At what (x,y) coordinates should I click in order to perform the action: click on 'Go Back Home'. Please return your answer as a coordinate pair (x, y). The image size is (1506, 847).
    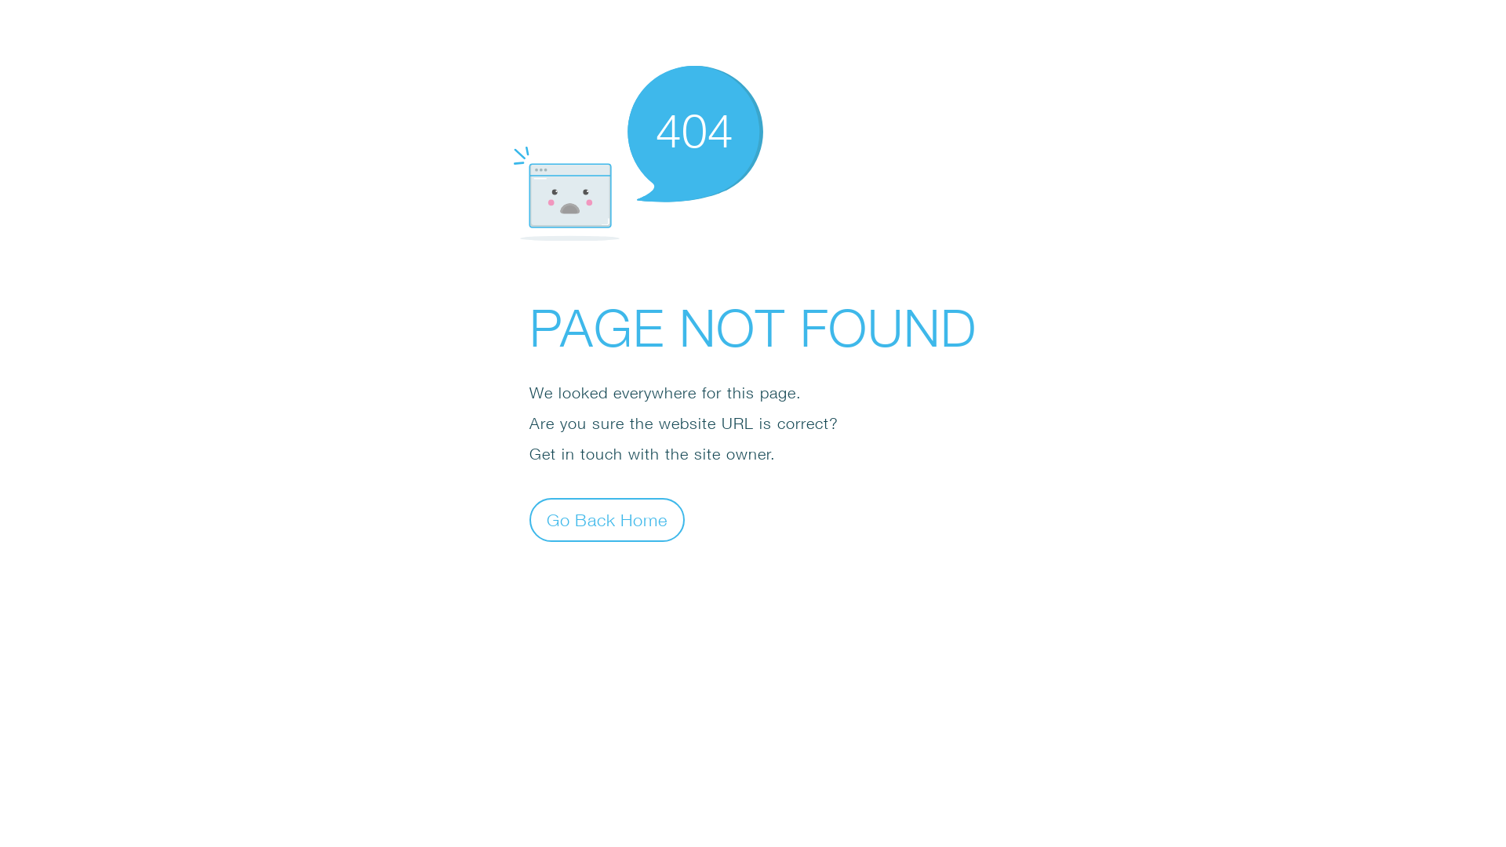
    Looking at the image, I should click on (606, 520).